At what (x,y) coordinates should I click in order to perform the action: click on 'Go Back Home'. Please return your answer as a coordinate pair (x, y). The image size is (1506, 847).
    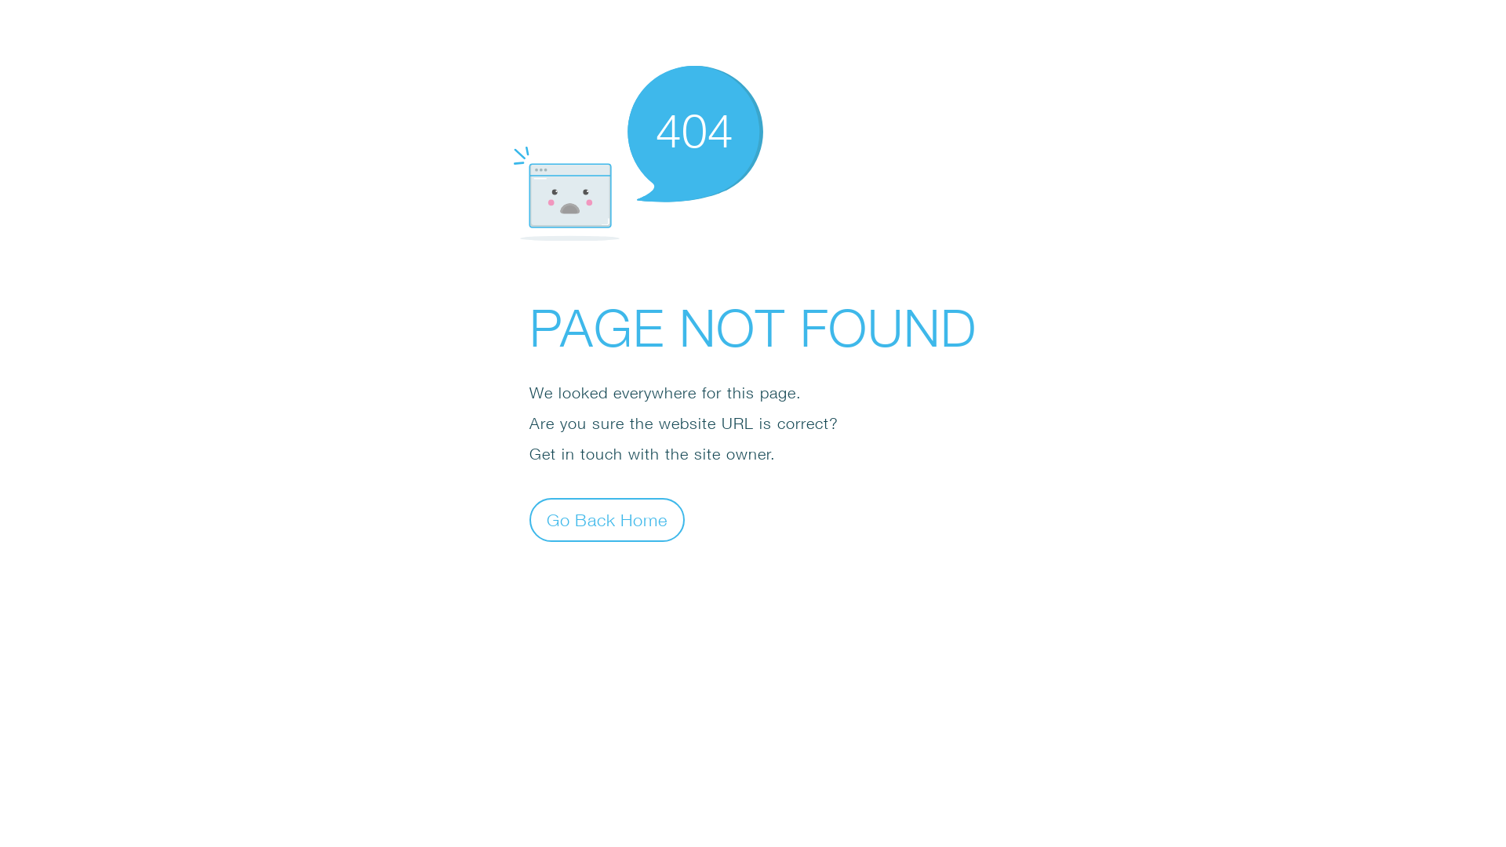
    Looking at the image, I should click on (606, 520).